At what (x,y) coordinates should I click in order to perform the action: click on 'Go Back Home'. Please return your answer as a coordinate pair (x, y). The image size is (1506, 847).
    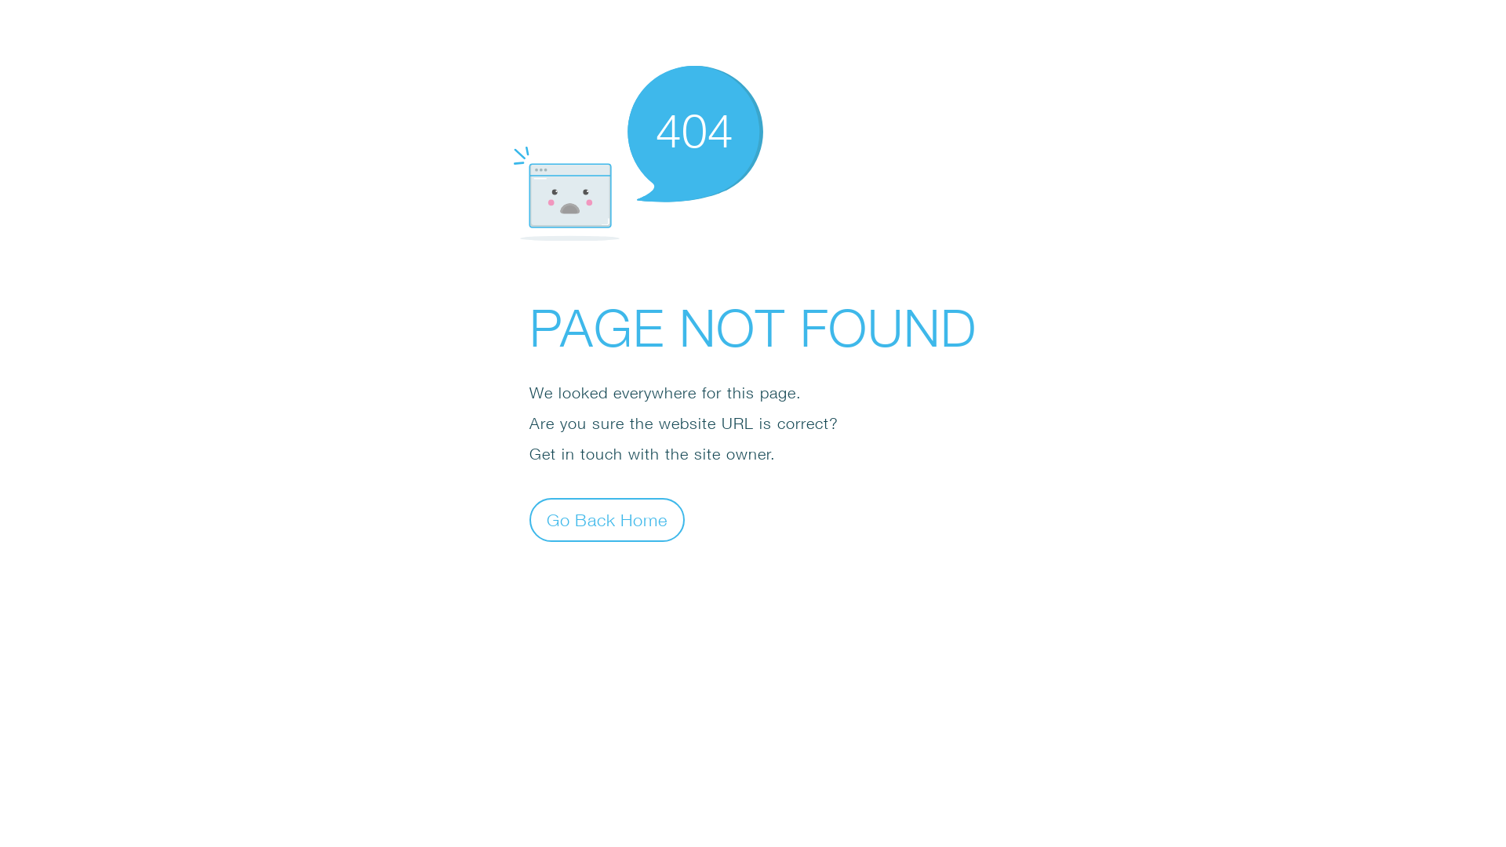
    Looking at the image, I should click on (606, 520).